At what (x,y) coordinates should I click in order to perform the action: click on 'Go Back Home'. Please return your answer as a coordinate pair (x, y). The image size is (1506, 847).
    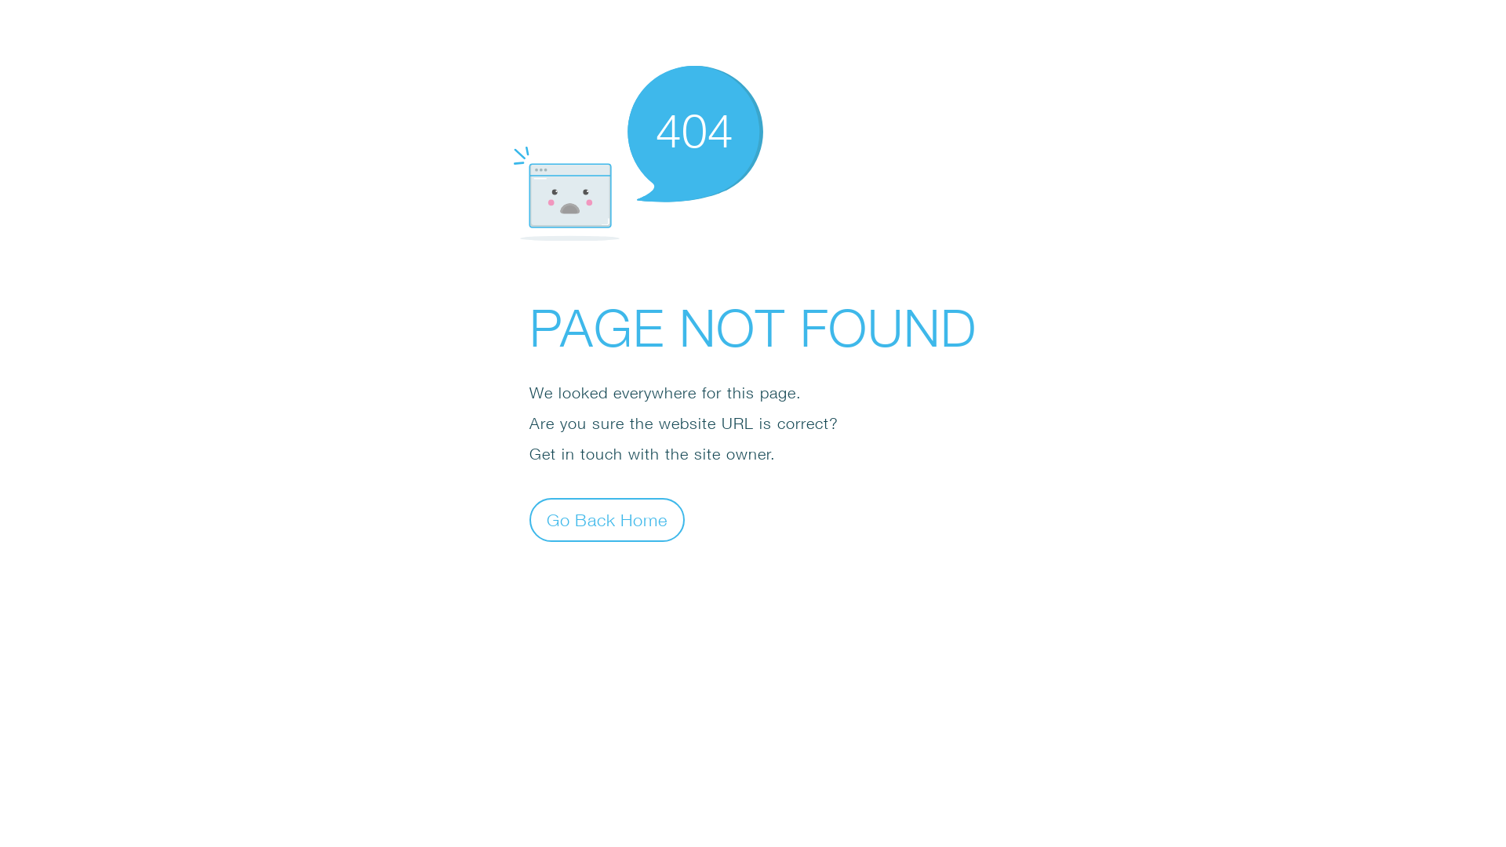
    Looking at the image, I should click on (606, 520).